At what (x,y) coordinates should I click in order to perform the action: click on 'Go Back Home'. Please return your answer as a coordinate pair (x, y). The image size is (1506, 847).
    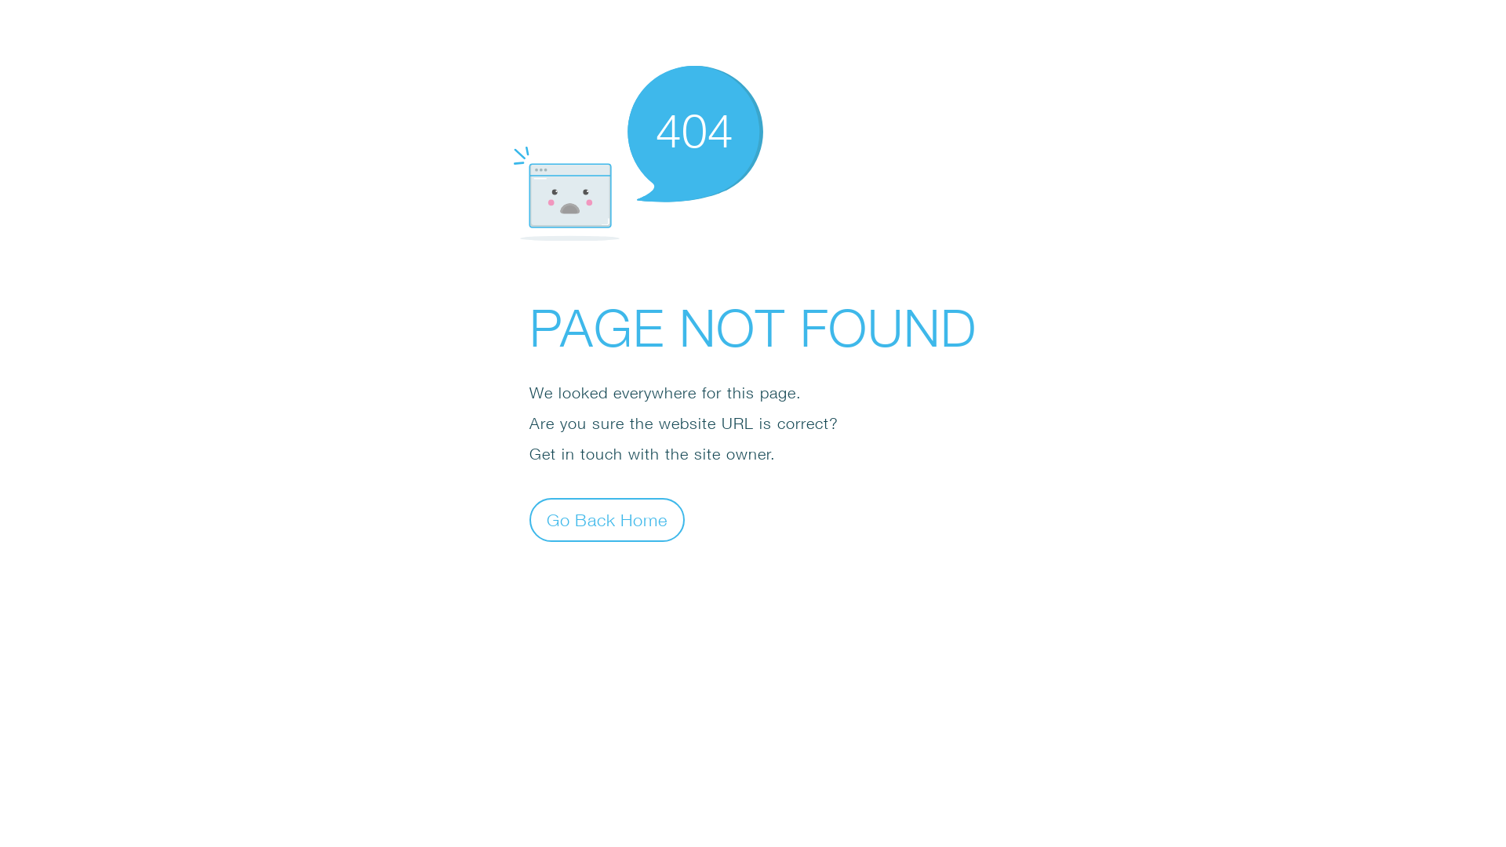
    Looking at the image, I should click on (606, 520).